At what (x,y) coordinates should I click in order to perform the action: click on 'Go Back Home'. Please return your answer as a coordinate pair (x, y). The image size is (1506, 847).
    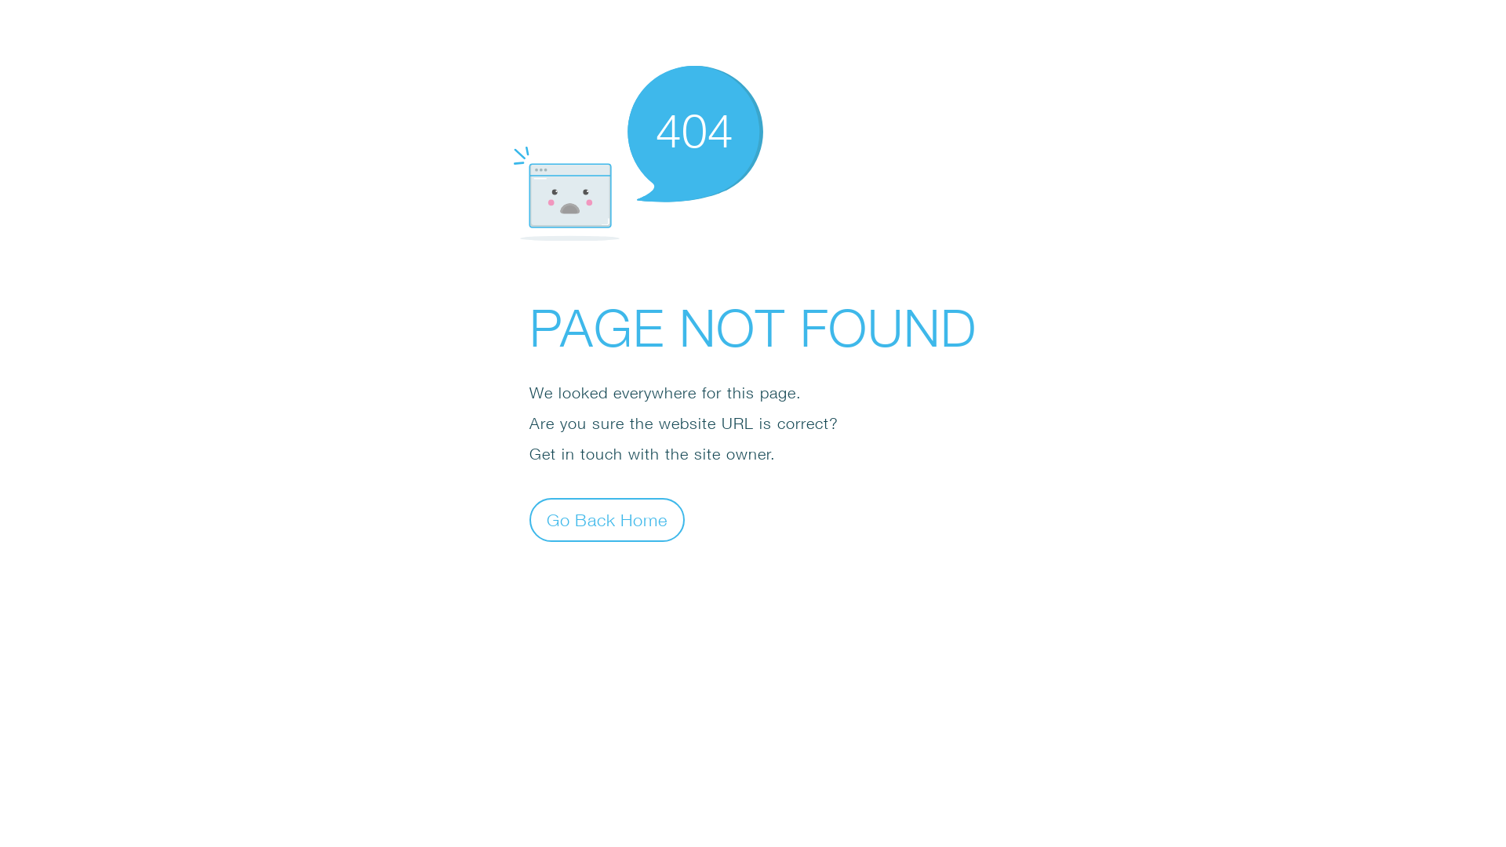
    Looking at the image, I should click on (606, 520).